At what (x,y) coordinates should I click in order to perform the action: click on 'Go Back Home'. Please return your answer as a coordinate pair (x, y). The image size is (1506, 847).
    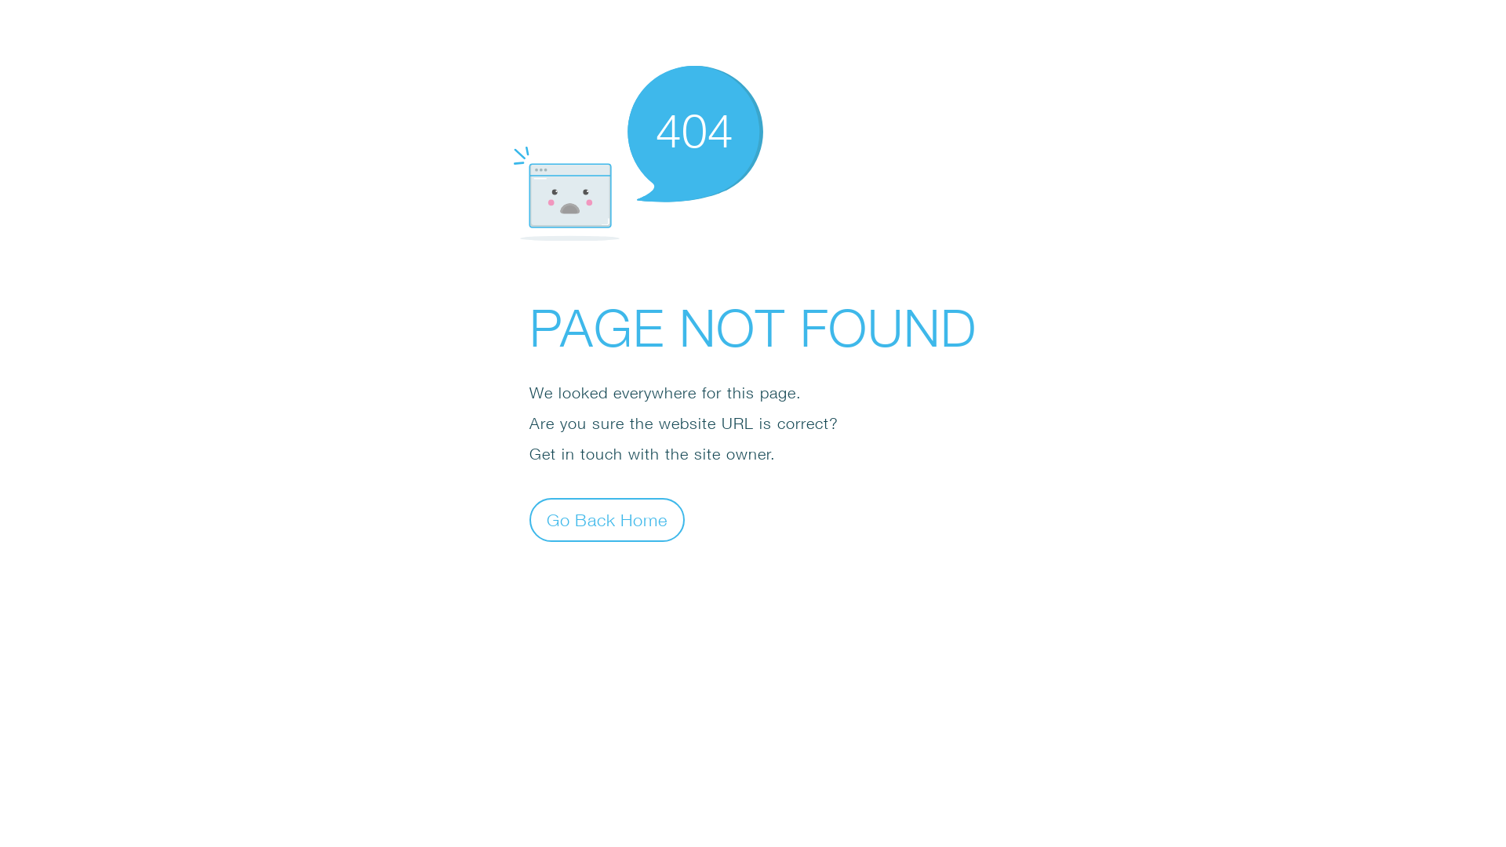
    Looking at the image, I should click on (606, 520).